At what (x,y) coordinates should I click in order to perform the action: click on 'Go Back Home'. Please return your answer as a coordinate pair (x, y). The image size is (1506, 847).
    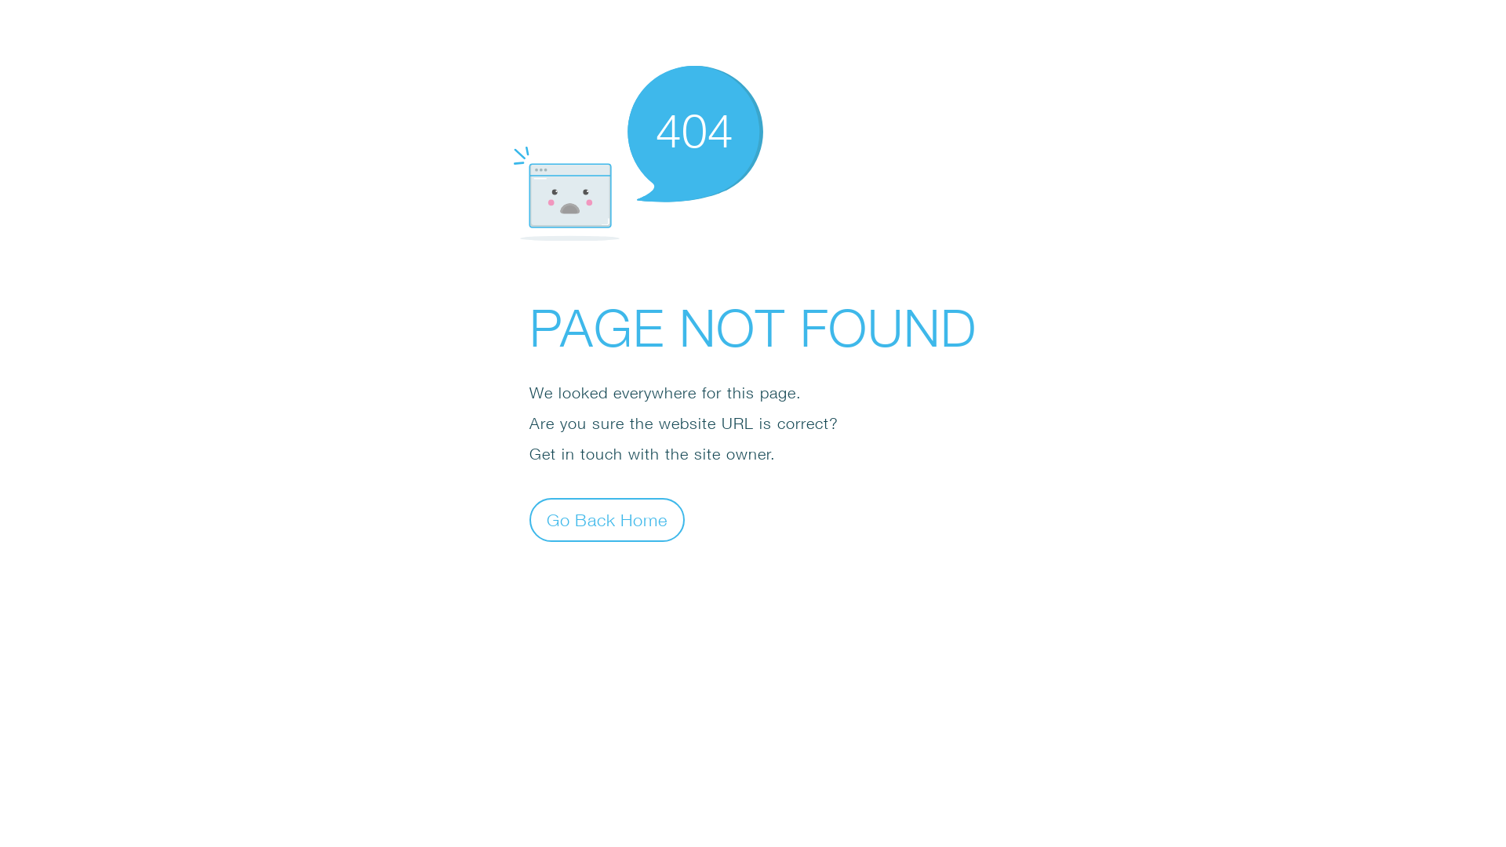
    Looking at the image, I should click on (606, 520).